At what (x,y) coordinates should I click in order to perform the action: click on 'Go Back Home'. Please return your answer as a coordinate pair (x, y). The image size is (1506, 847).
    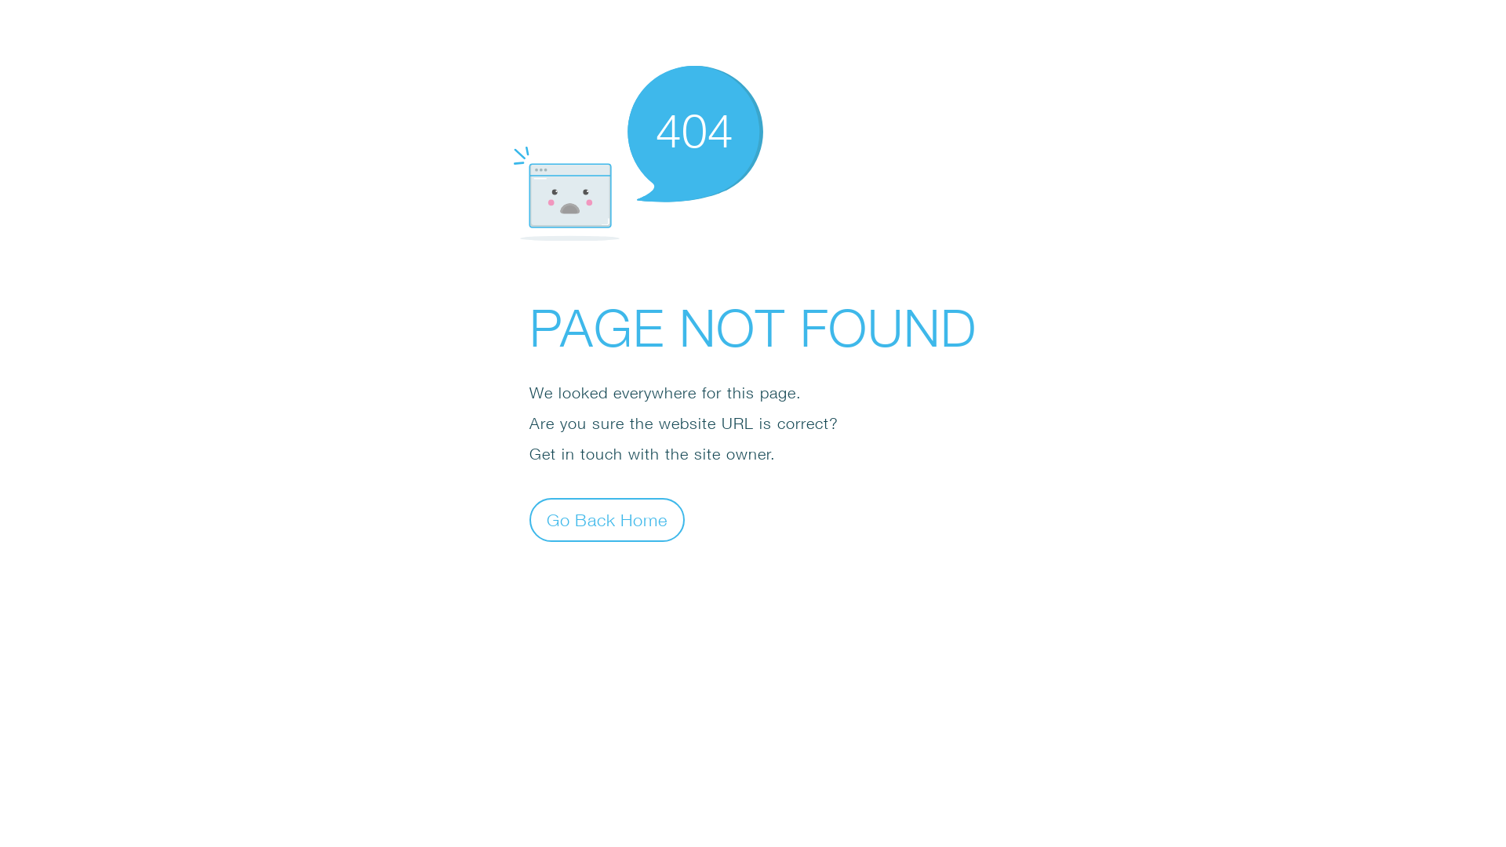
    Looking at the image, I should click on (606, 520).